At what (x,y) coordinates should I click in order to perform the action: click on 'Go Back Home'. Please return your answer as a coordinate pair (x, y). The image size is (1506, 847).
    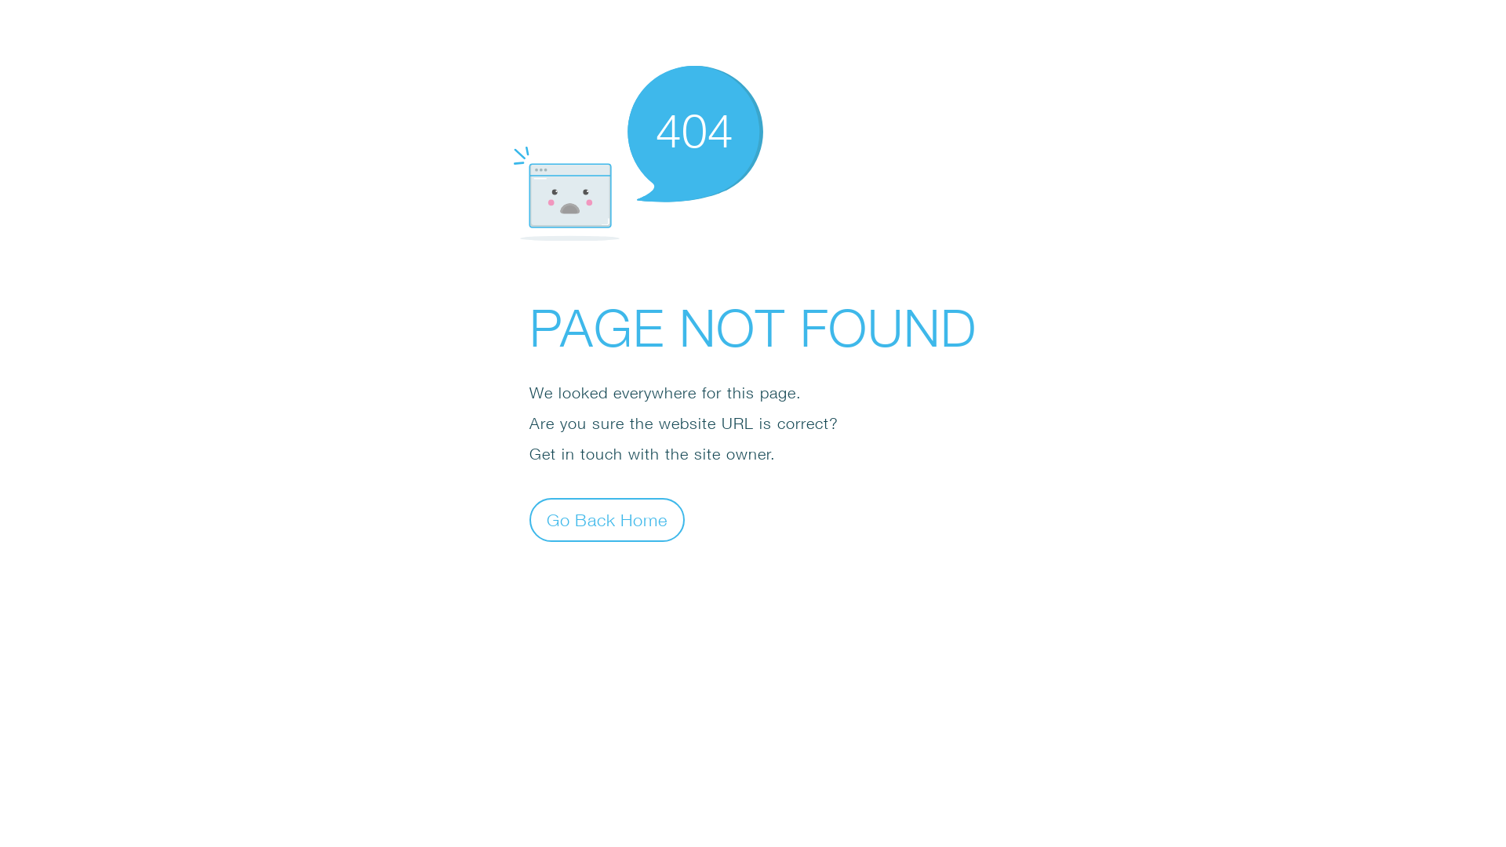
    Looking at the image, I should click on (606, 520).